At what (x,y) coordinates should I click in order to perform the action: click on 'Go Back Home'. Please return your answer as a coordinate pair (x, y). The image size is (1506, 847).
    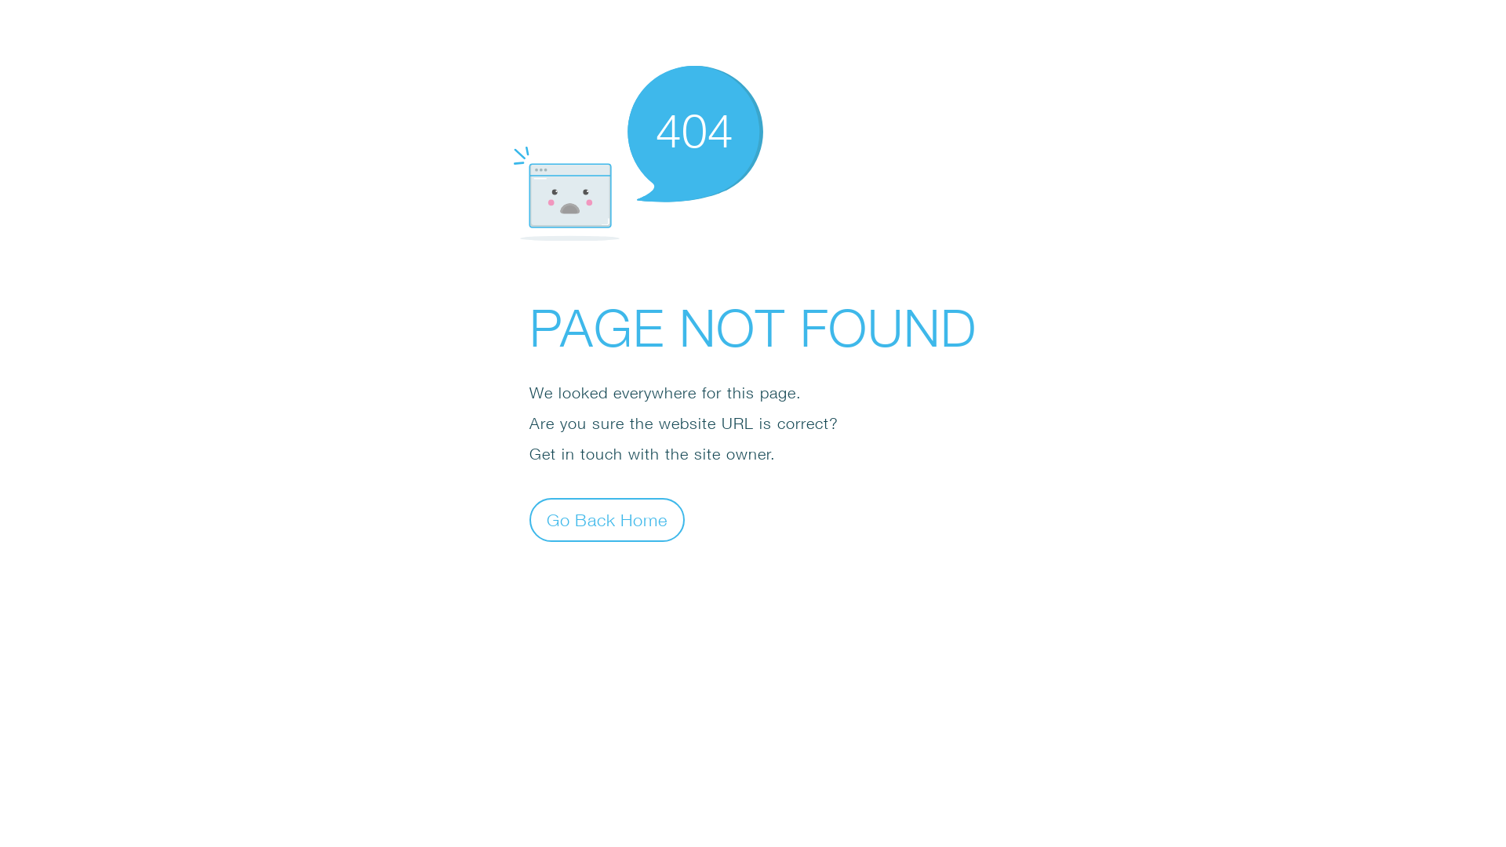
    Looking at the image, I should click on (606, 520).